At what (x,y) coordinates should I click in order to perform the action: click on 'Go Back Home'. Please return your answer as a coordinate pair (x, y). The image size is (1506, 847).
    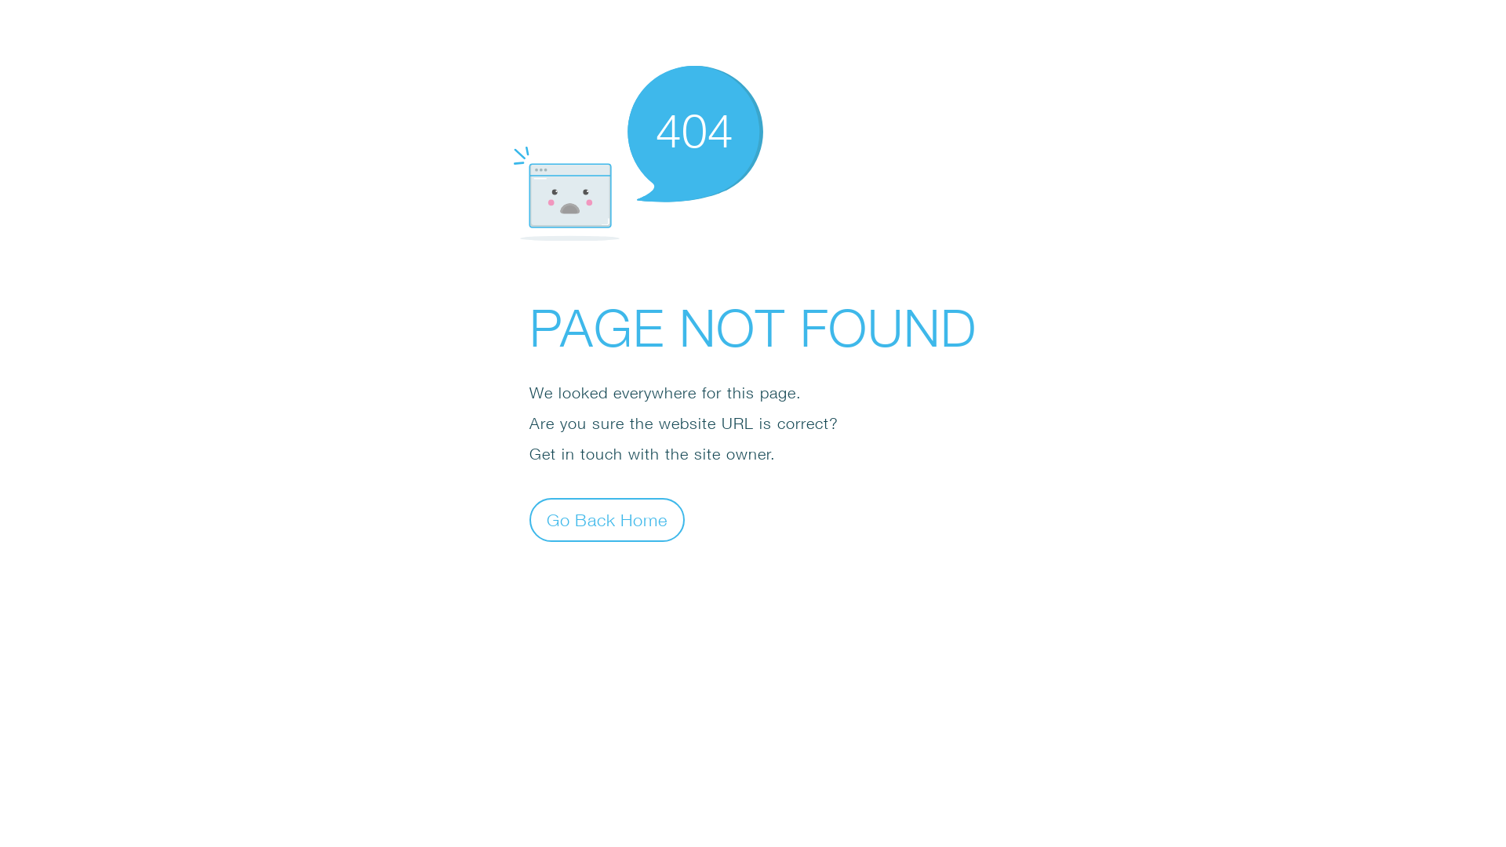
    Looking at the image, I should click on (606, 520).